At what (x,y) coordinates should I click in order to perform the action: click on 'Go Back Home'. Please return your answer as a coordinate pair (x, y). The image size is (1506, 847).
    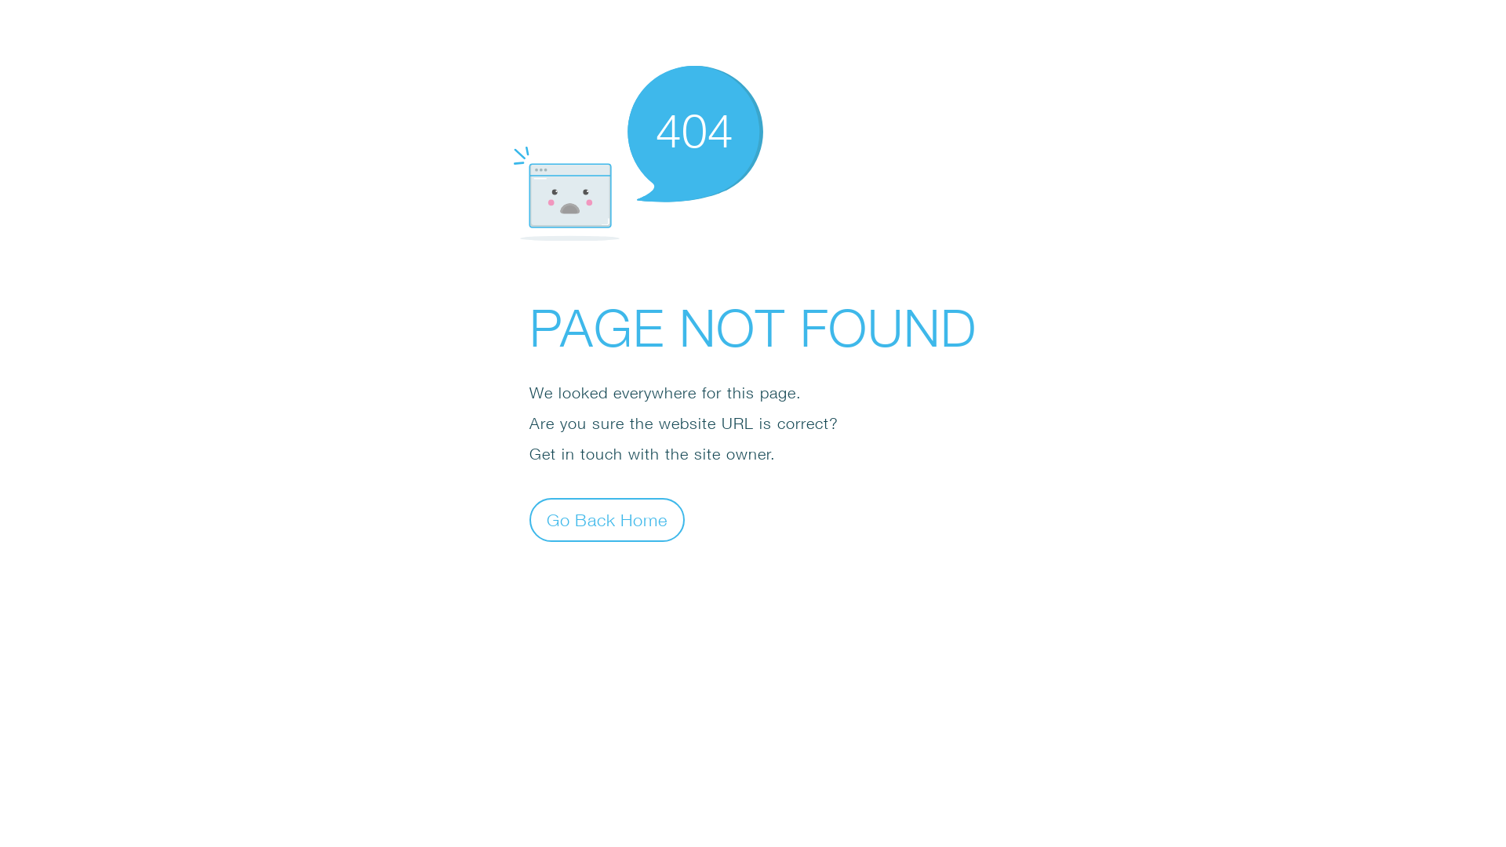
    Looking at the image, I should click on (606, 520).